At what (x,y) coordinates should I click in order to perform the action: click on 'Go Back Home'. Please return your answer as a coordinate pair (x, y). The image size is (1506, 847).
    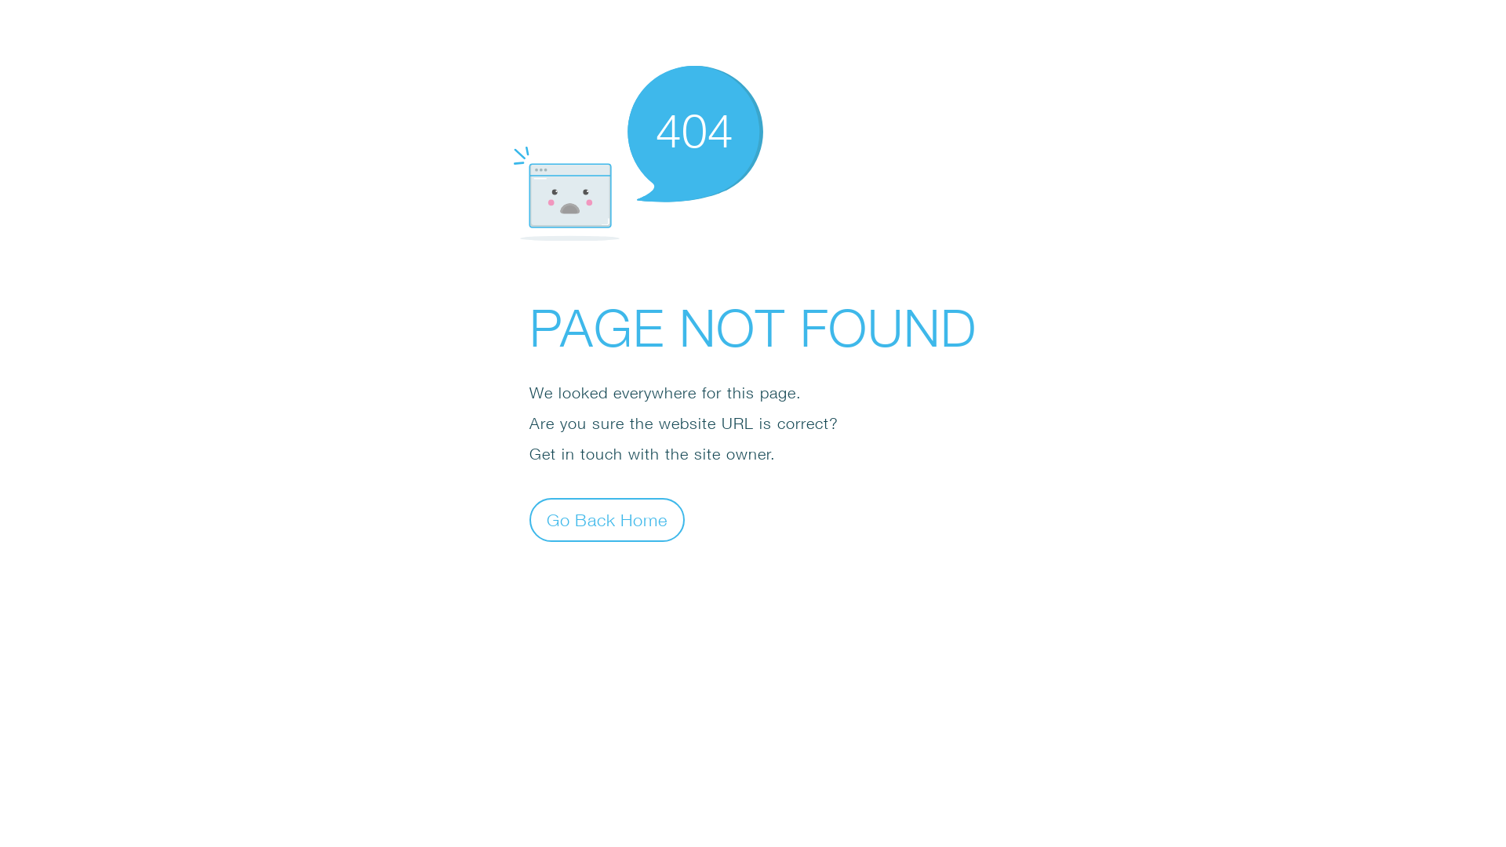
    Looking at the image, I should click on (606, 520).